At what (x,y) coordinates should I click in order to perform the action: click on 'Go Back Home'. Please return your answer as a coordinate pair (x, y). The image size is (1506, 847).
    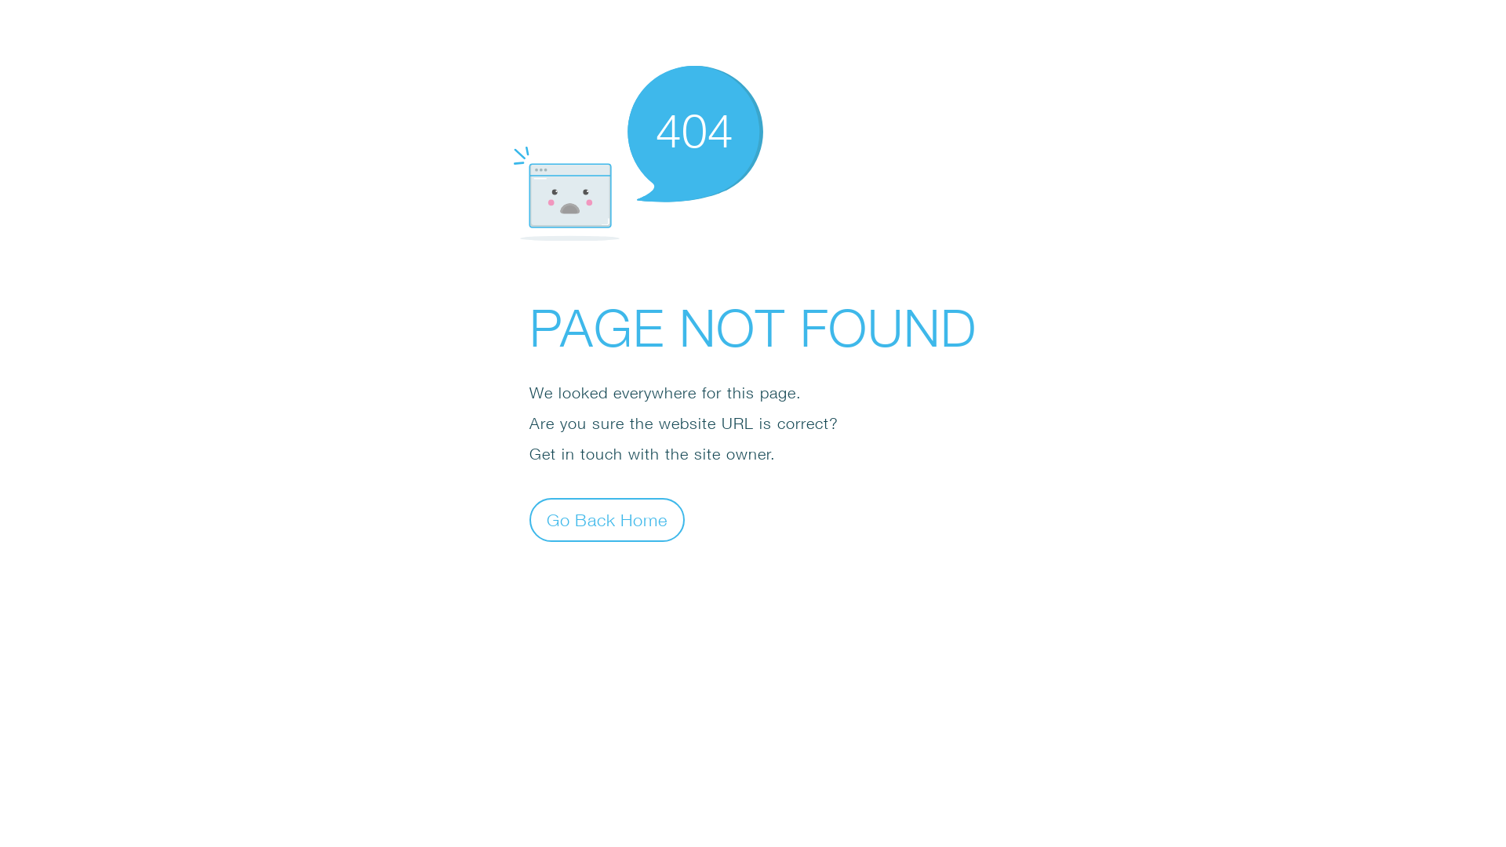
    Looking at the image, I should click on (606, 520).